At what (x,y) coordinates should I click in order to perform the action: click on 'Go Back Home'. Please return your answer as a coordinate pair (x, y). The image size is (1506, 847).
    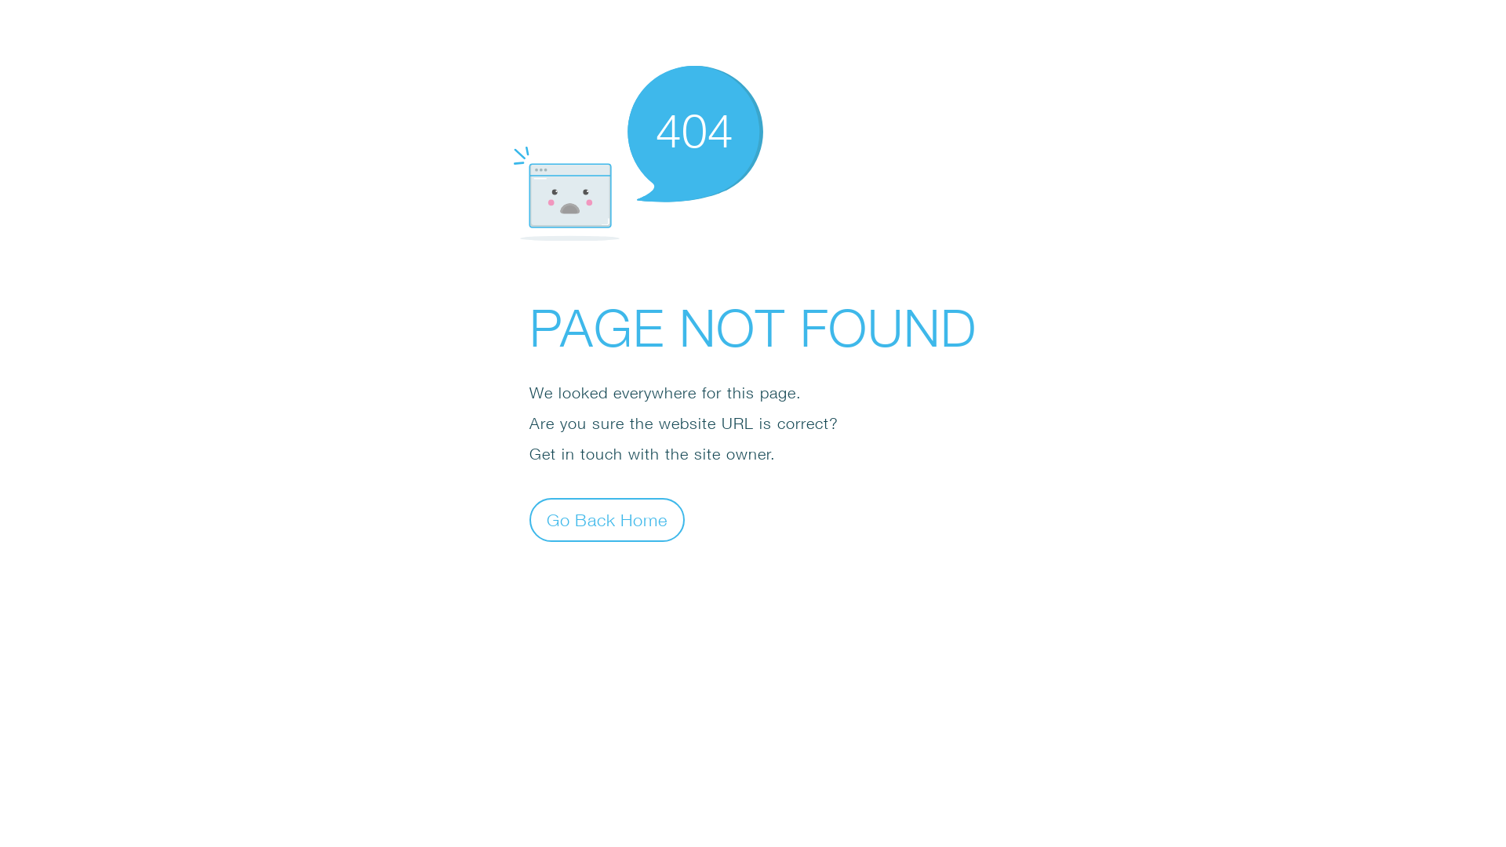
    Looking at the image, I should click on (606, 520).